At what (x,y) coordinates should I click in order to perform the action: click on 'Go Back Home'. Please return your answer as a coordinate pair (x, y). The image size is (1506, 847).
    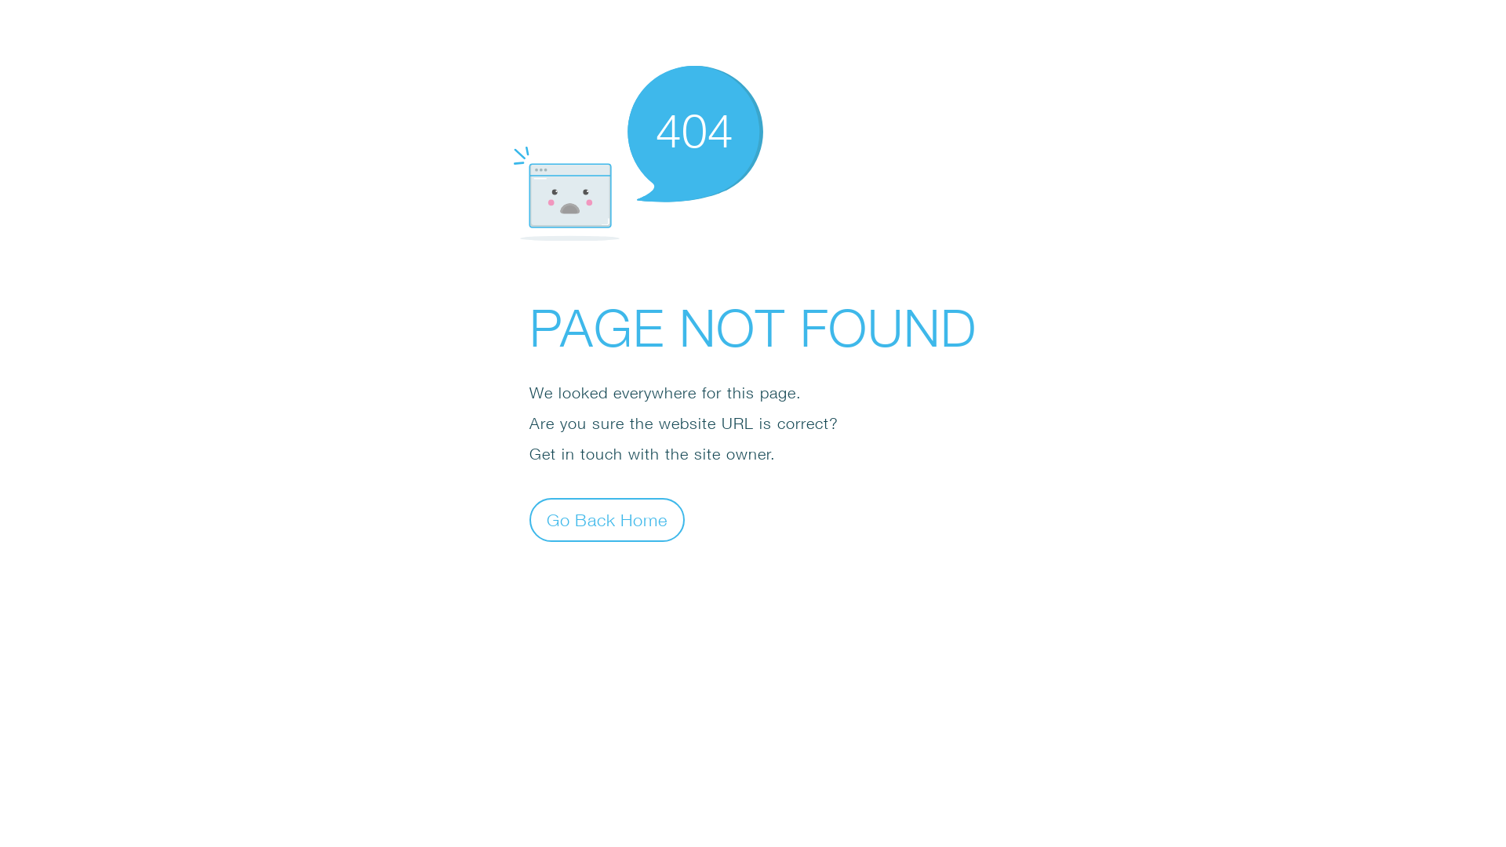
    Looking at the image, I should click on (606, 520).